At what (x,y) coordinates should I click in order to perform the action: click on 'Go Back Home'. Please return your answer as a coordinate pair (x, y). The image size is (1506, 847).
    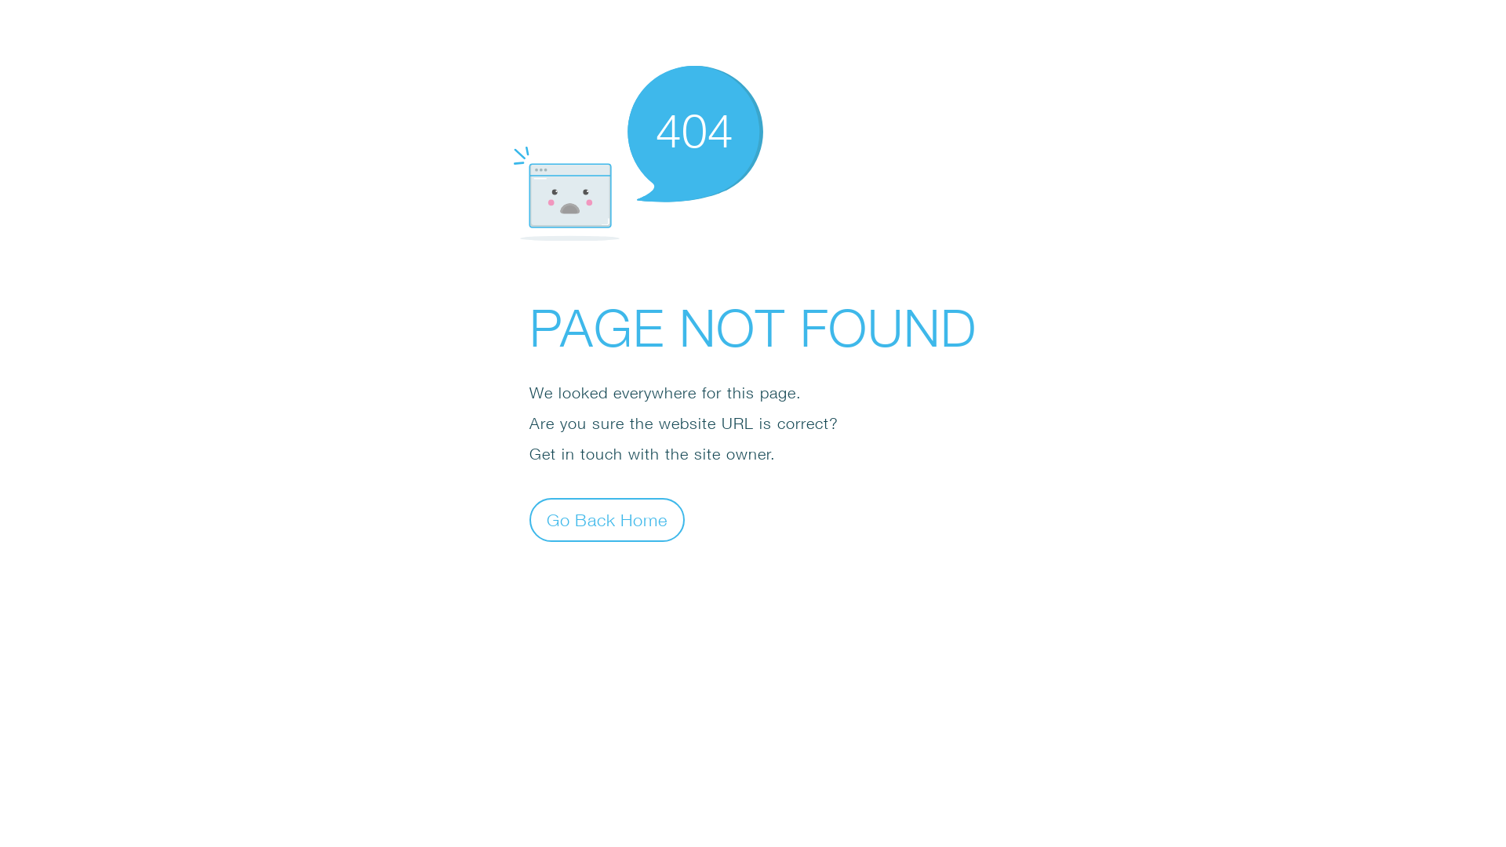
    Looking at the image, I should click on (606, 520).